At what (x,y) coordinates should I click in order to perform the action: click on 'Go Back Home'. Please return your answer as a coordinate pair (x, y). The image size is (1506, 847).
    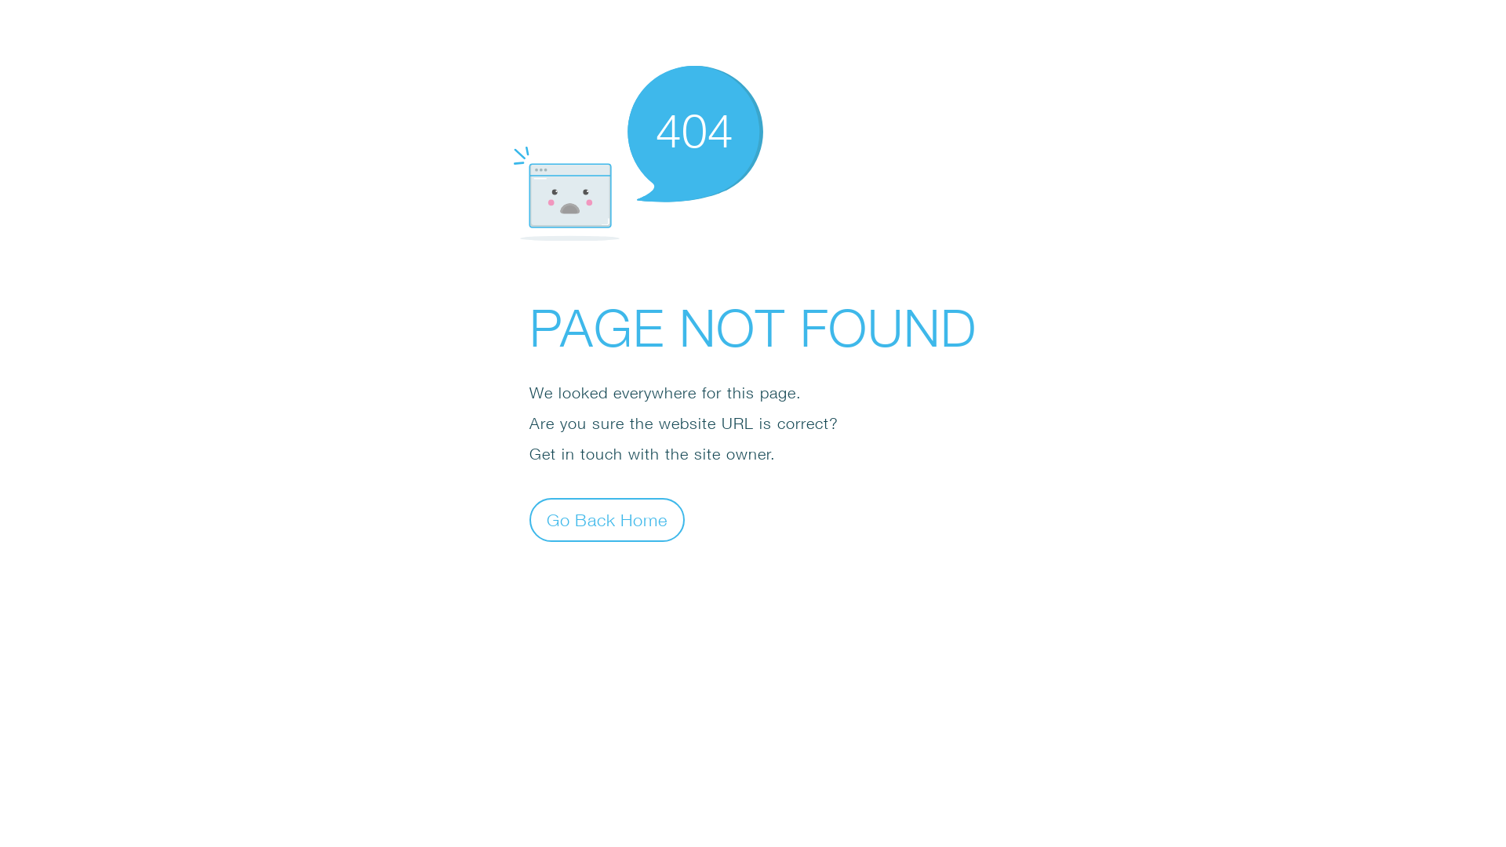
    Looking at the image, I should click on (606, 520).